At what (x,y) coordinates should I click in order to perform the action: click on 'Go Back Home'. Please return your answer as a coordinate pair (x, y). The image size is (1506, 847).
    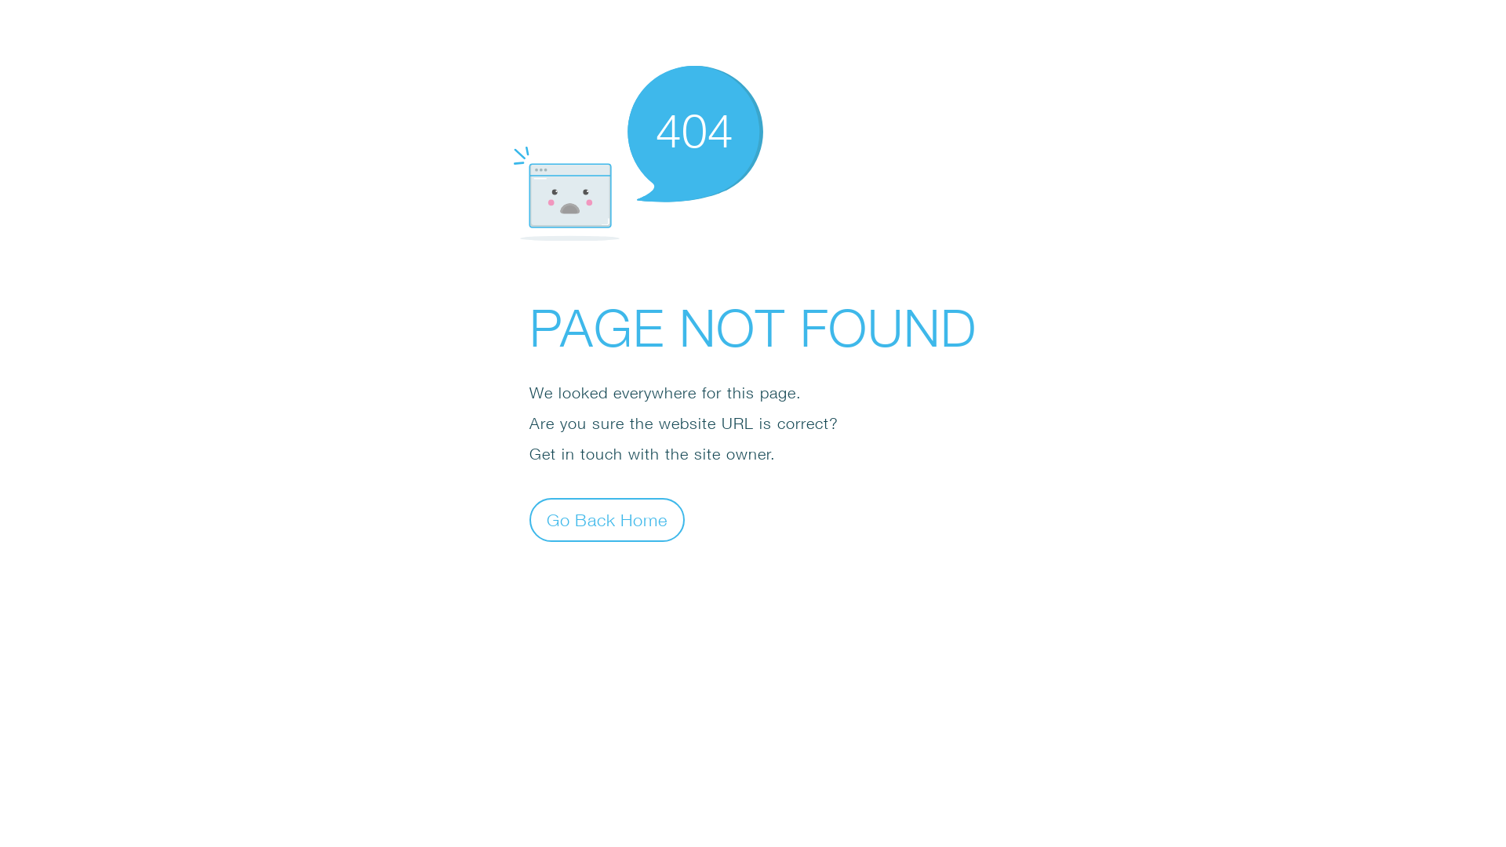
    Looking at the image, I should click on (606, 520).